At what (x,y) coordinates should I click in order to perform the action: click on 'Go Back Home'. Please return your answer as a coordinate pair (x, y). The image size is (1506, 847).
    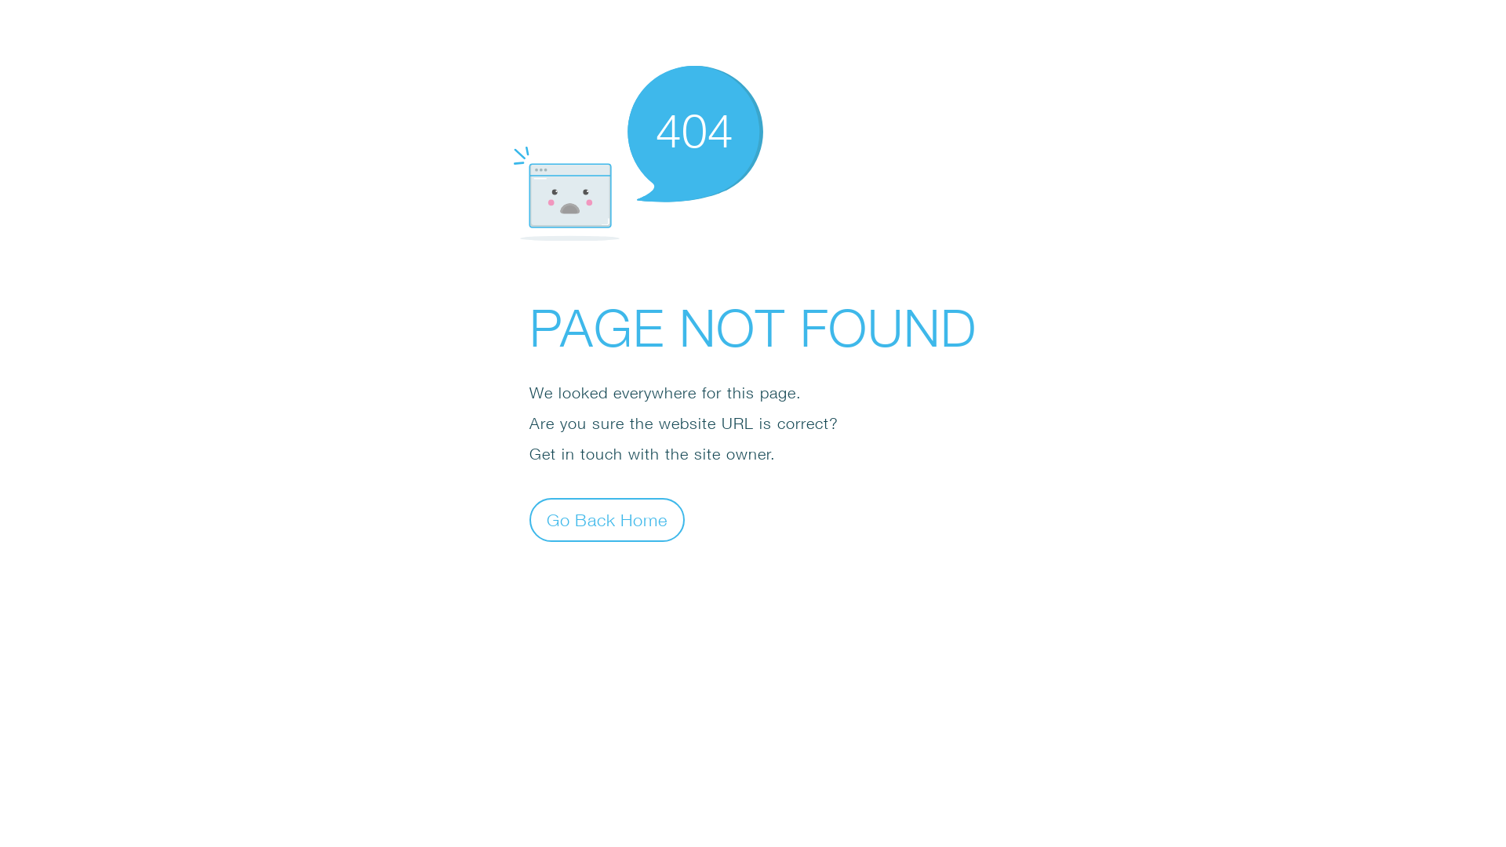
    Looking at the image, I should click on (606, 520).